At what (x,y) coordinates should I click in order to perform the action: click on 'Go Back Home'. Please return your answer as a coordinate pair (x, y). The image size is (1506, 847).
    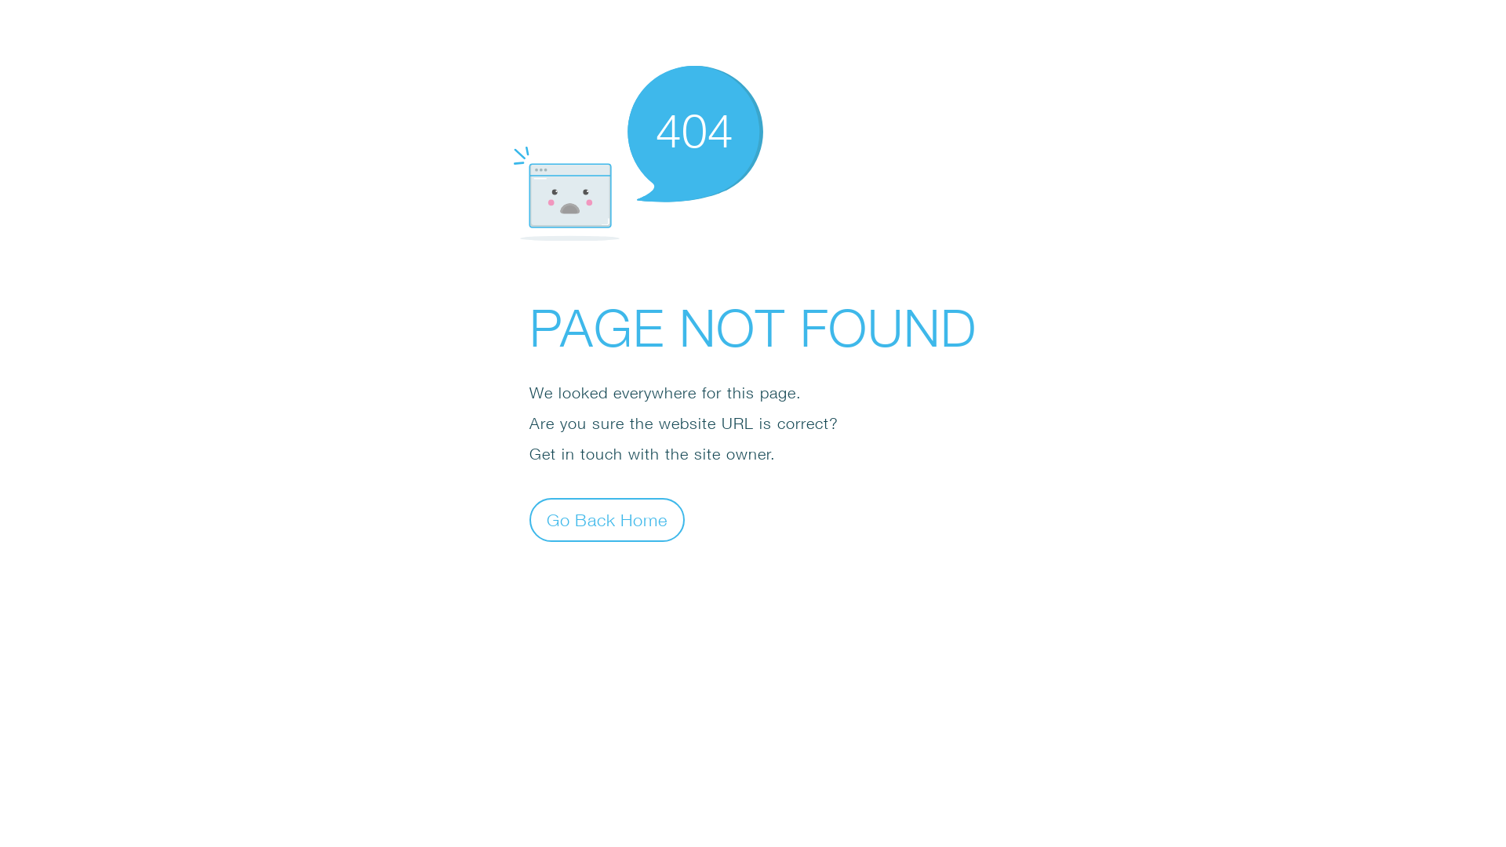
    Looking at the image, I should click on (606, 520).